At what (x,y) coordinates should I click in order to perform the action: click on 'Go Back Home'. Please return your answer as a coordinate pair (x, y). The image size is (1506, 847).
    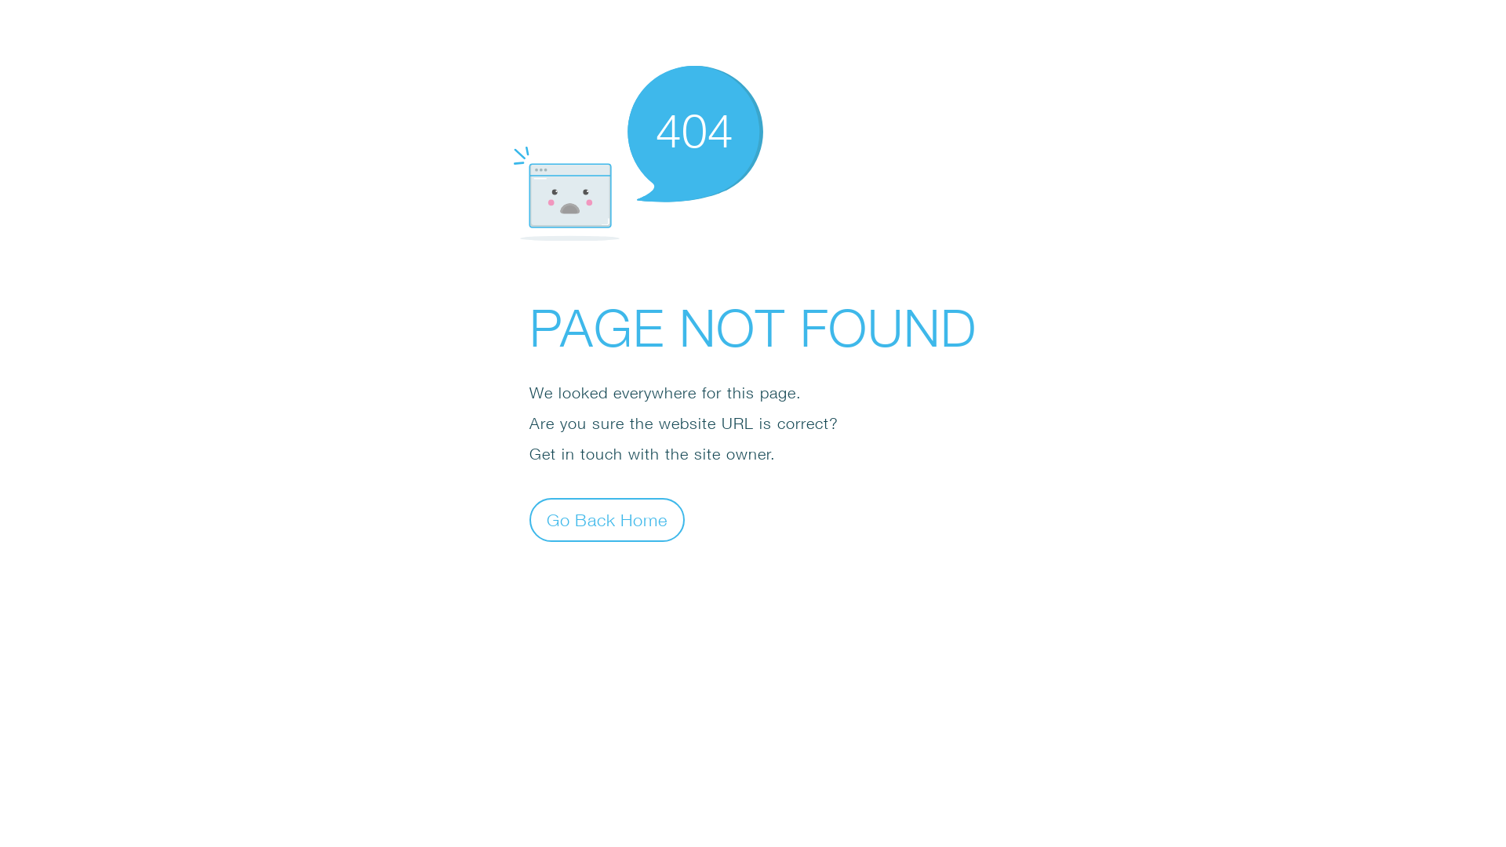
    Looking at the image, I should click on (606, 520).